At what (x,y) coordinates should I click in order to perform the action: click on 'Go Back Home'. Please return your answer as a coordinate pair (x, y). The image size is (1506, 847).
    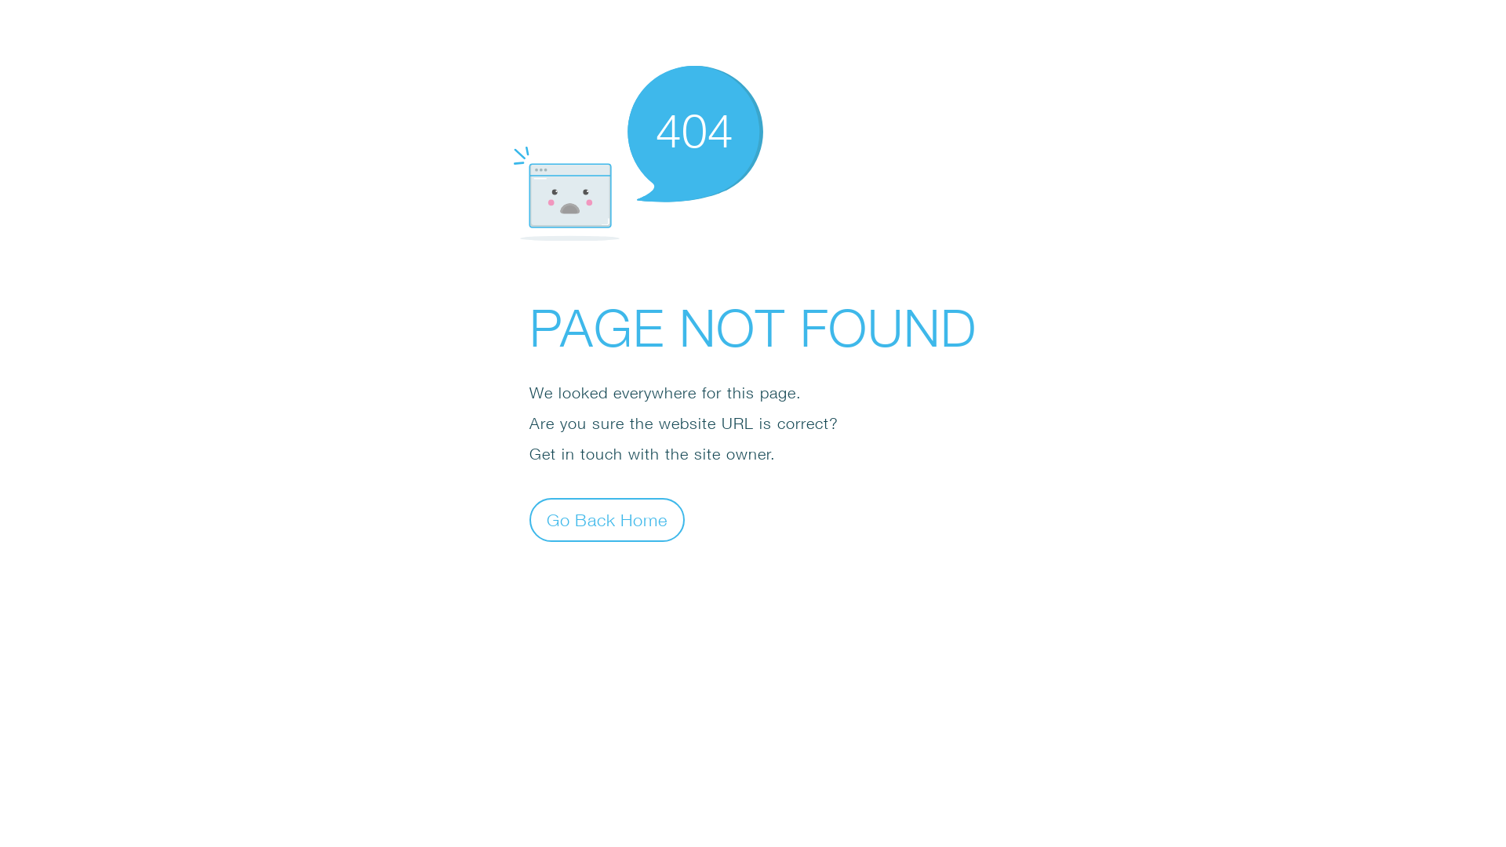
    Looking at the image, I should click on (606, 520).